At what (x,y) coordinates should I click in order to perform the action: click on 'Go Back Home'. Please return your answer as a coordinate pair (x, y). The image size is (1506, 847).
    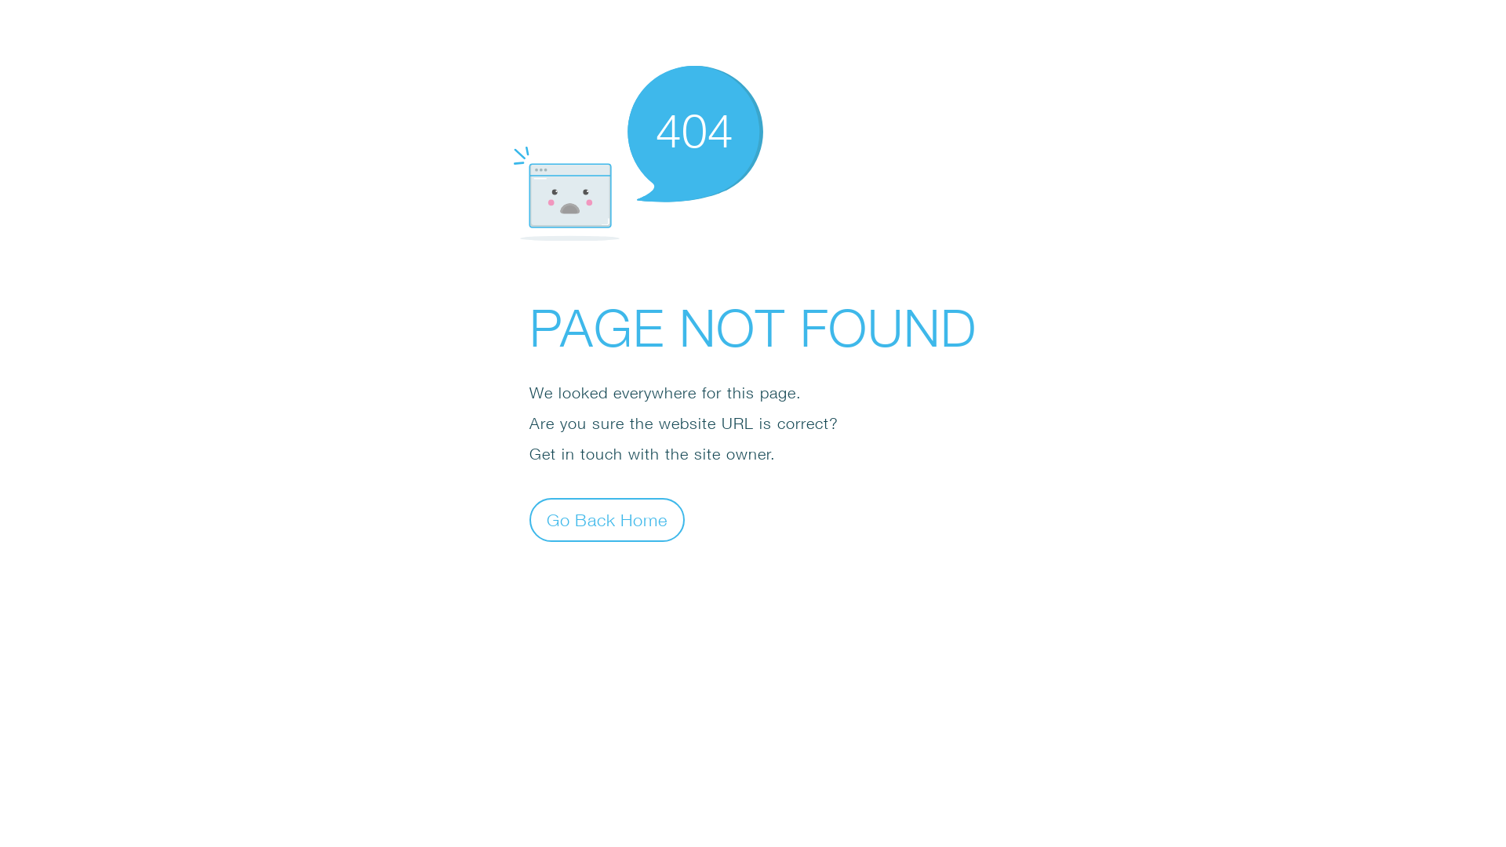
    Looking at the image, I should click on (606, 520).